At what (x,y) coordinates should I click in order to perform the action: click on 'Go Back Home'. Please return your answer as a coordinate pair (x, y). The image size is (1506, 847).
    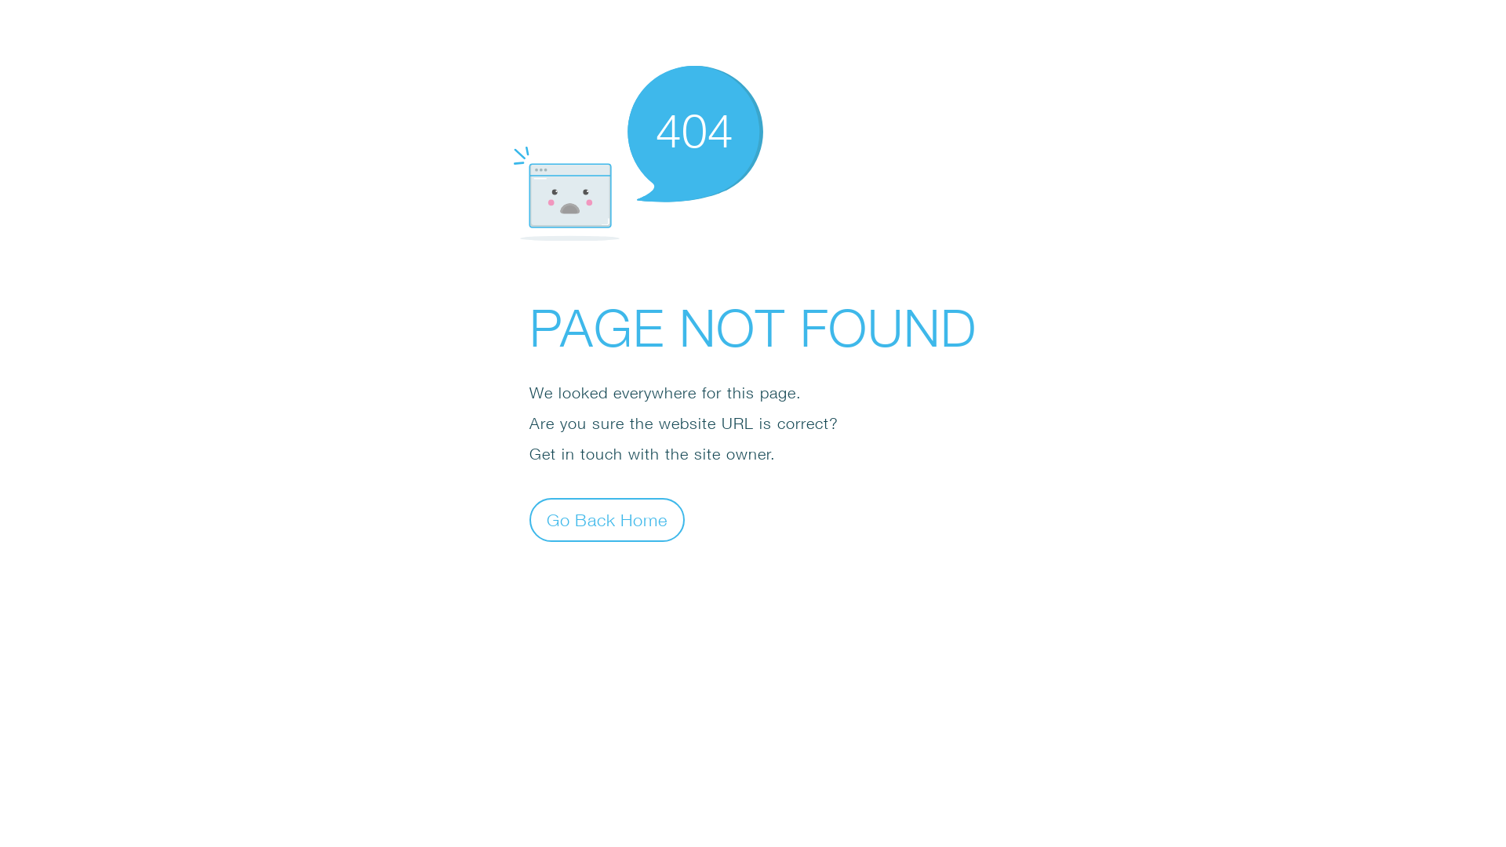
    Looking at the image, I should click on (606, 520).